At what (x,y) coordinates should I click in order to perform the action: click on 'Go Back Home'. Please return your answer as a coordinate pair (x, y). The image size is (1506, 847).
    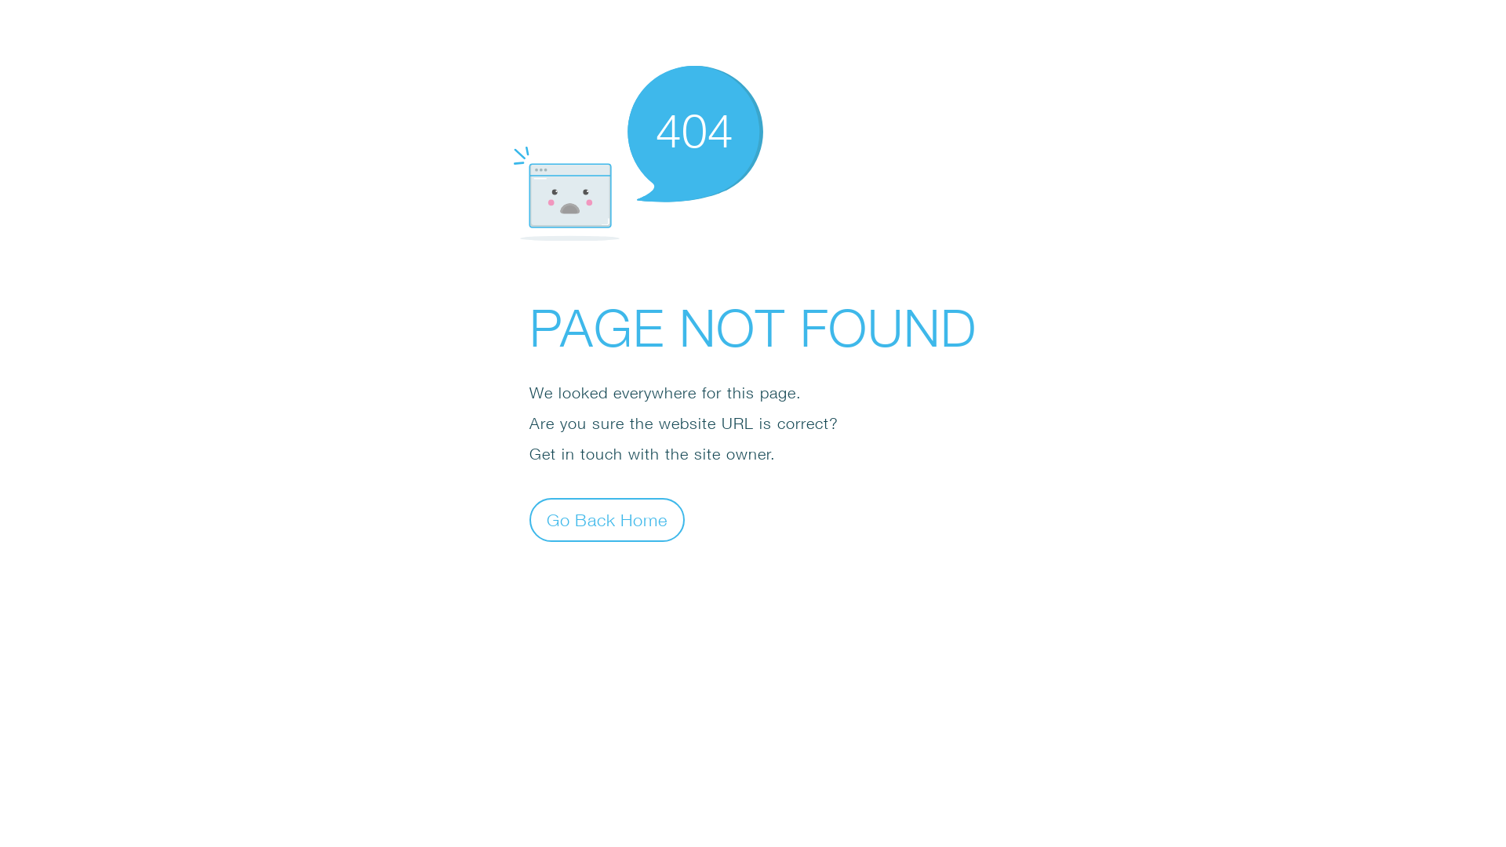
    Looking at the image, I should click on (606, 520).